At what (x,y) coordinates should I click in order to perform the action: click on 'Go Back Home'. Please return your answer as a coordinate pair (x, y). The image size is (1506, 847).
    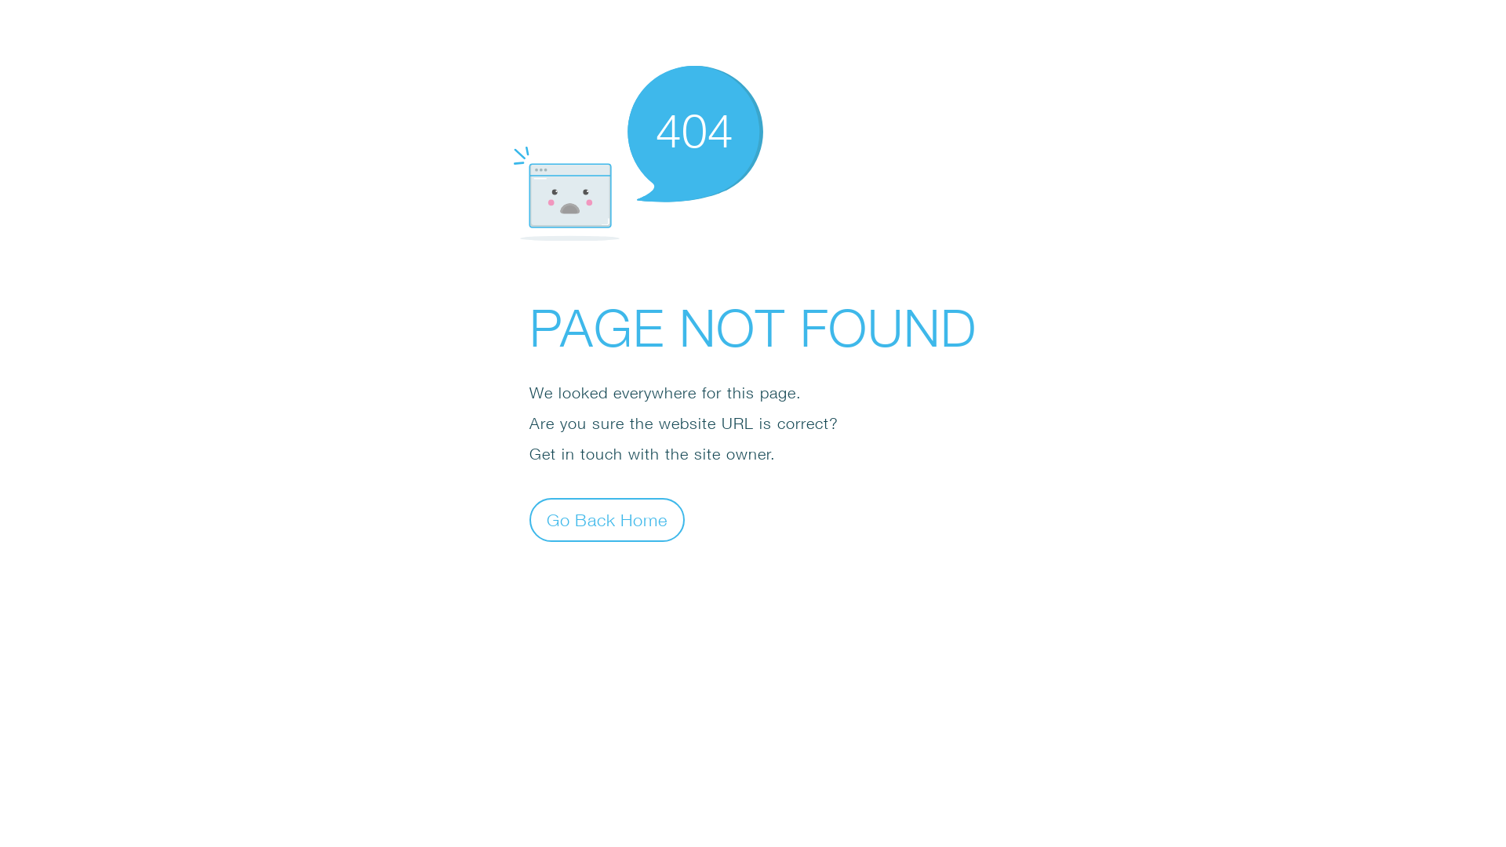
    Looking at the image, I should click on (606, 520).